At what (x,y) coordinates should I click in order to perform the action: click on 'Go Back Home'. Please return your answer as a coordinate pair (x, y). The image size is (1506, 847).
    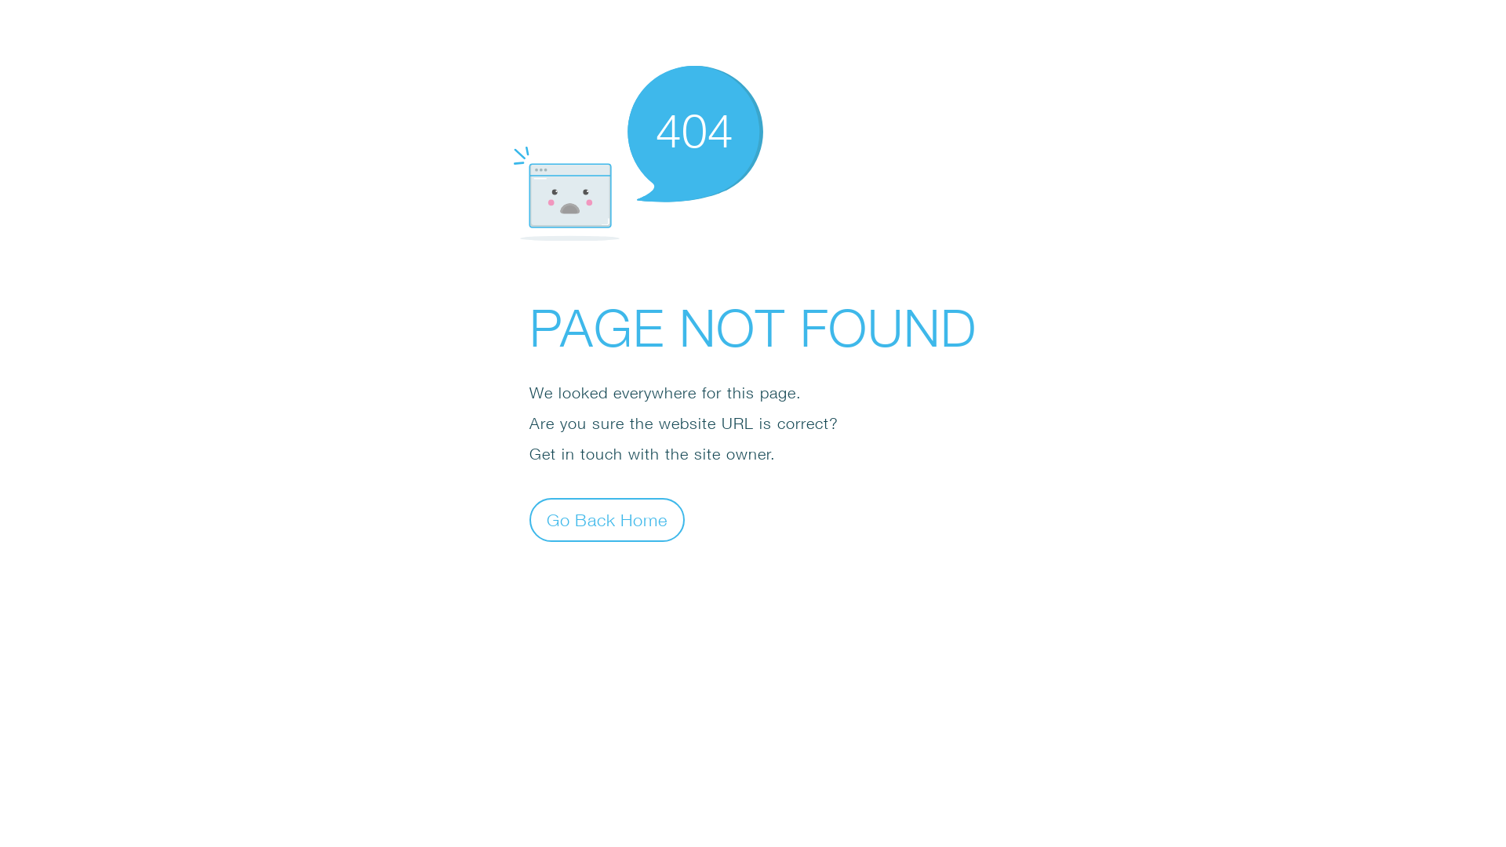
    Looking at the image, I should click on (606, 520).